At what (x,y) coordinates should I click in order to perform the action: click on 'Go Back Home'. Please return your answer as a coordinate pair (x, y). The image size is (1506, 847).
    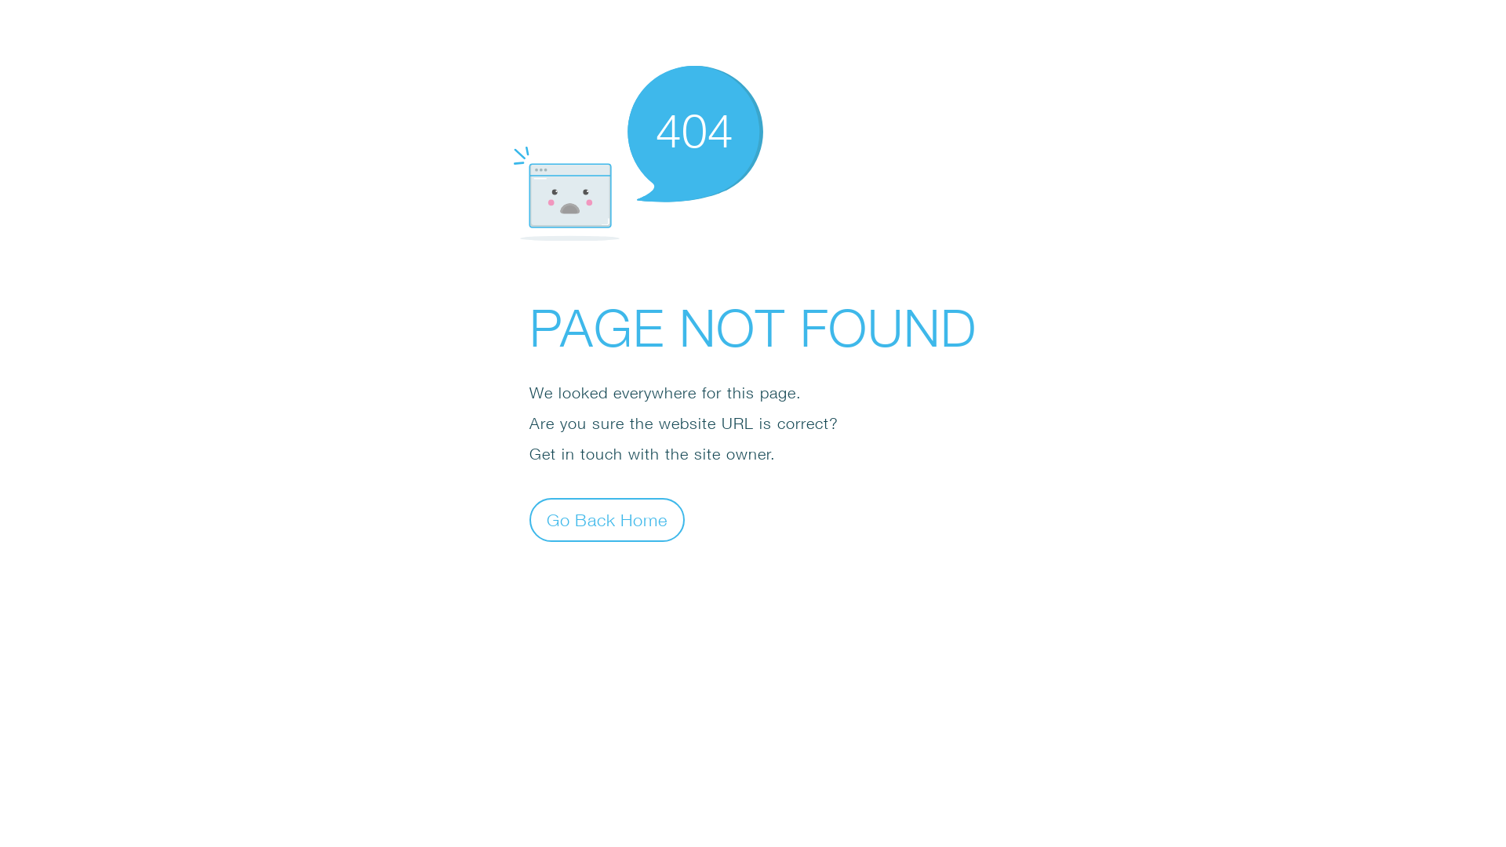
    Looking at the image, I should click on (606, 520).